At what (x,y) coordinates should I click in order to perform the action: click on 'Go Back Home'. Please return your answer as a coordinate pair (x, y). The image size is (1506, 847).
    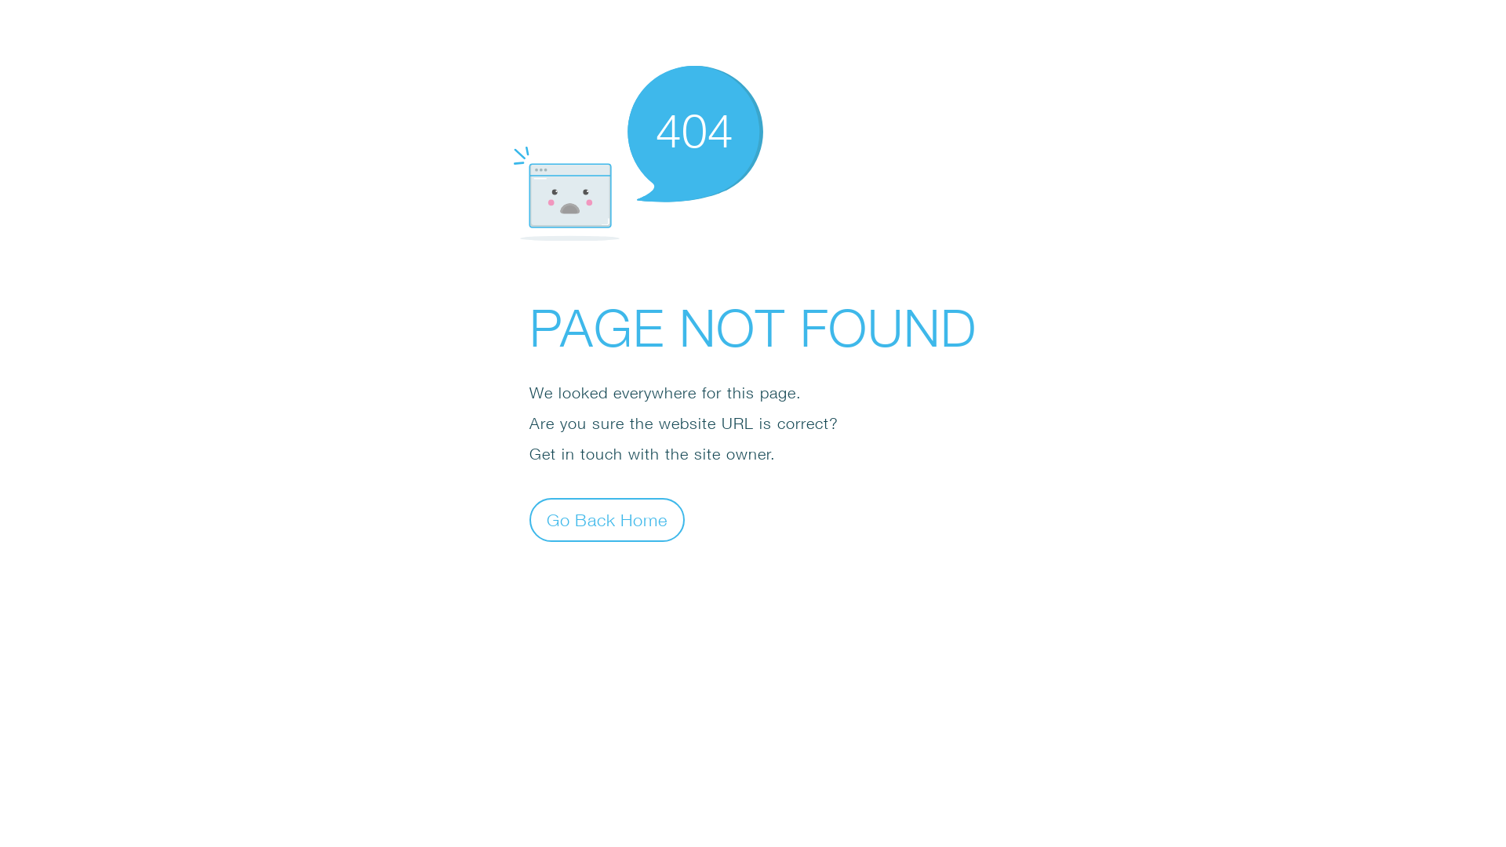
    Looking at the image, I should click on (606, 520).